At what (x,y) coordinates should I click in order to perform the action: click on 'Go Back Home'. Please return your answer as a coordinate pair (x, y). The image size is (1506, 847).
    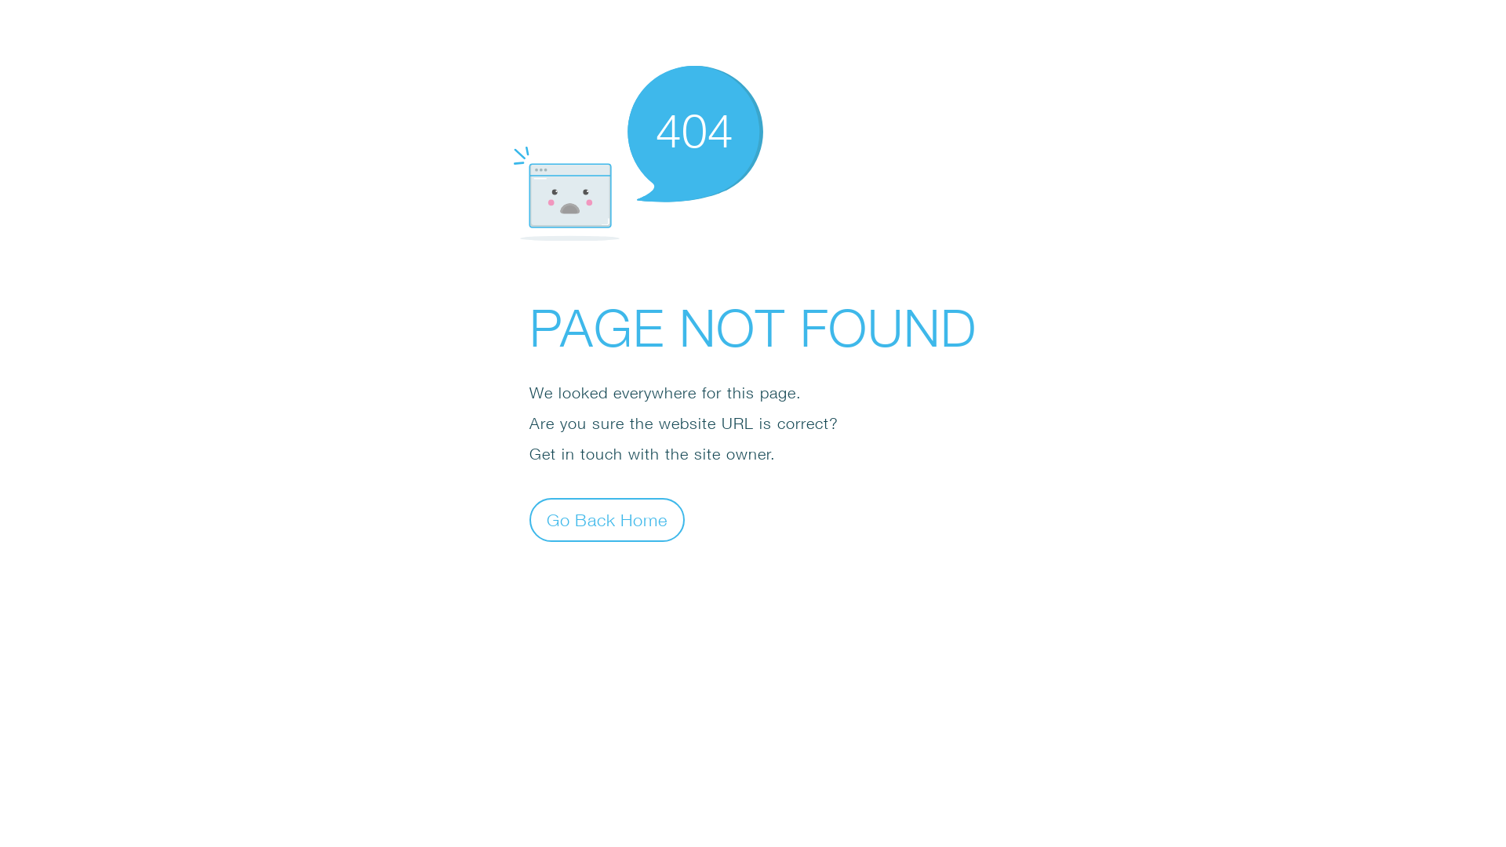
    Looking at the image, I should click on (606, 520).